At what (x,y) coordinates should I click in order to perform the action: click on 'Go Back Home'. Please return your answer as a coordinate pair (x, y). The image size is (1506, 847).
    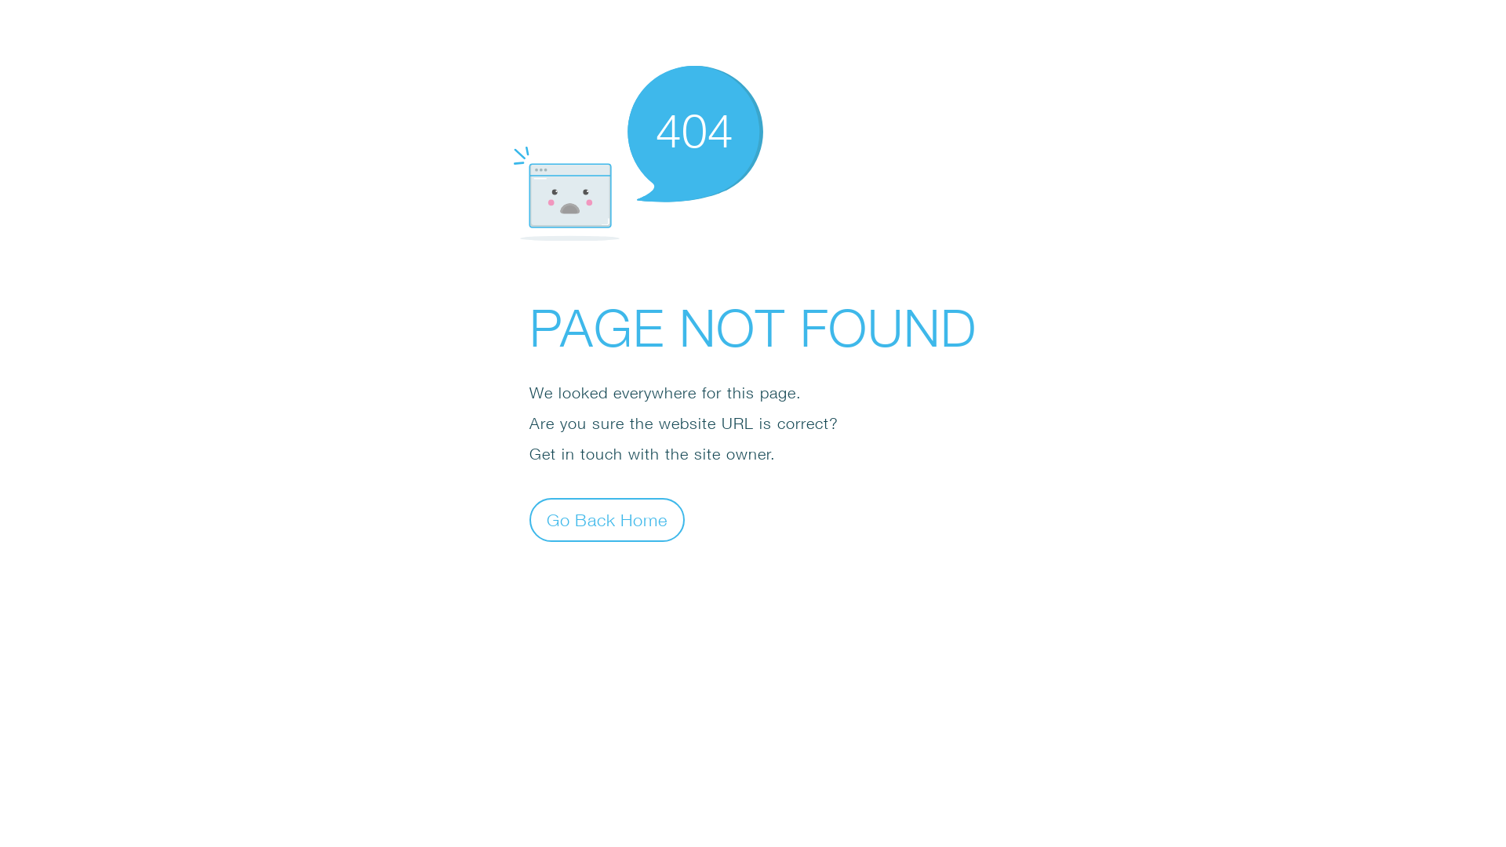
    Looking at the image, I should click on (606, 520).